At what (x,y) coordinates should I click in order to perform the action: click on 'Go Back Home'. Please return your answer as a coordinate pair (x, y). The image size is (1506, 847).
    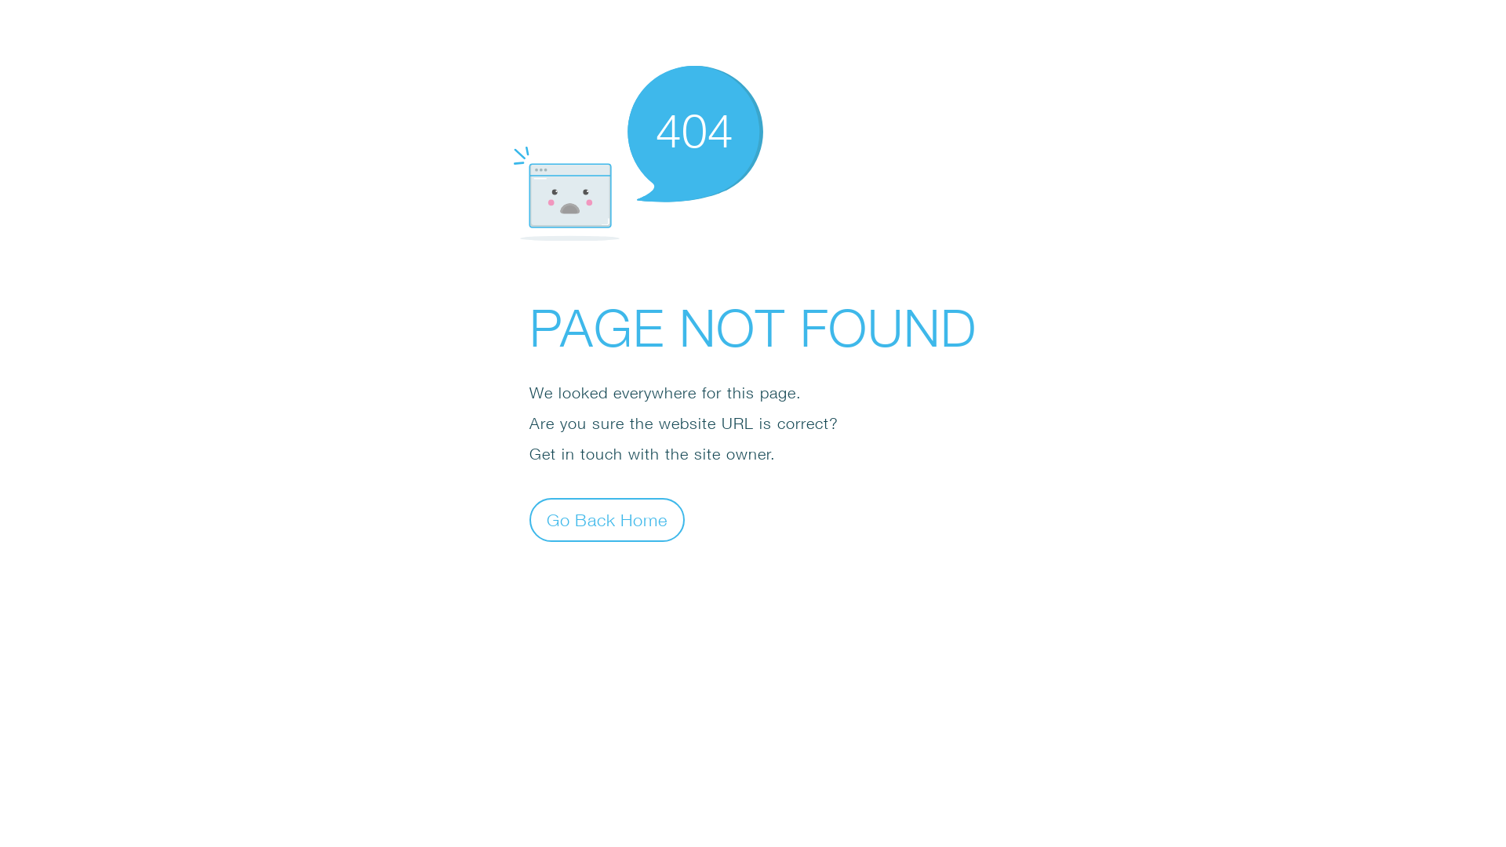
    Looking at the image, I should click on (606, 520).